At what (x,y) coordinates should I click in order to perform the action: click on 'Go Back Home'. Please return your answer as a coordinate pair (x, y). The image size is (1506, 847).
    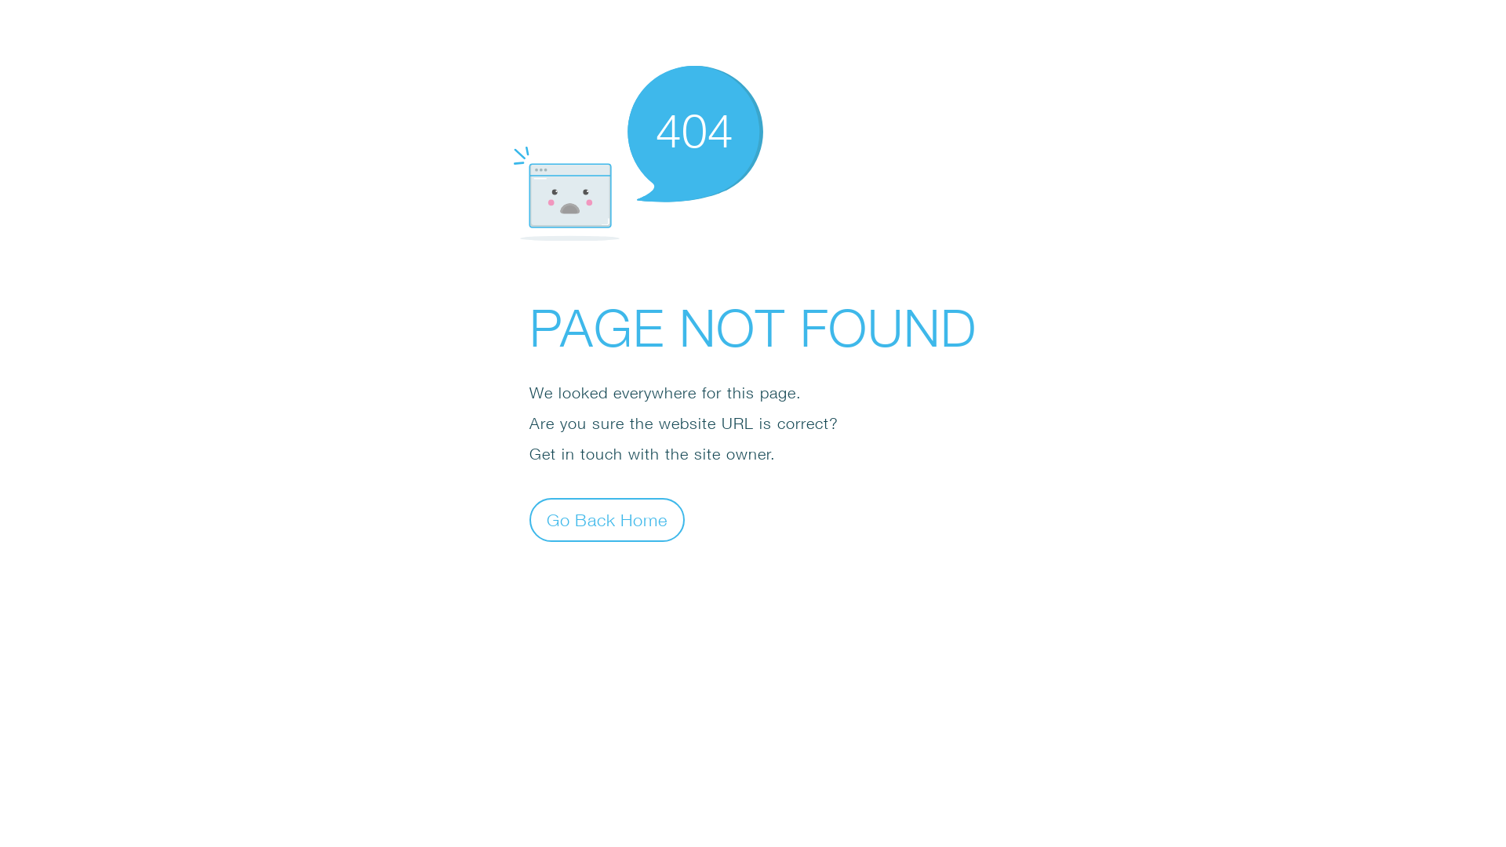
    Looking at the image, I should click on (606, 520).